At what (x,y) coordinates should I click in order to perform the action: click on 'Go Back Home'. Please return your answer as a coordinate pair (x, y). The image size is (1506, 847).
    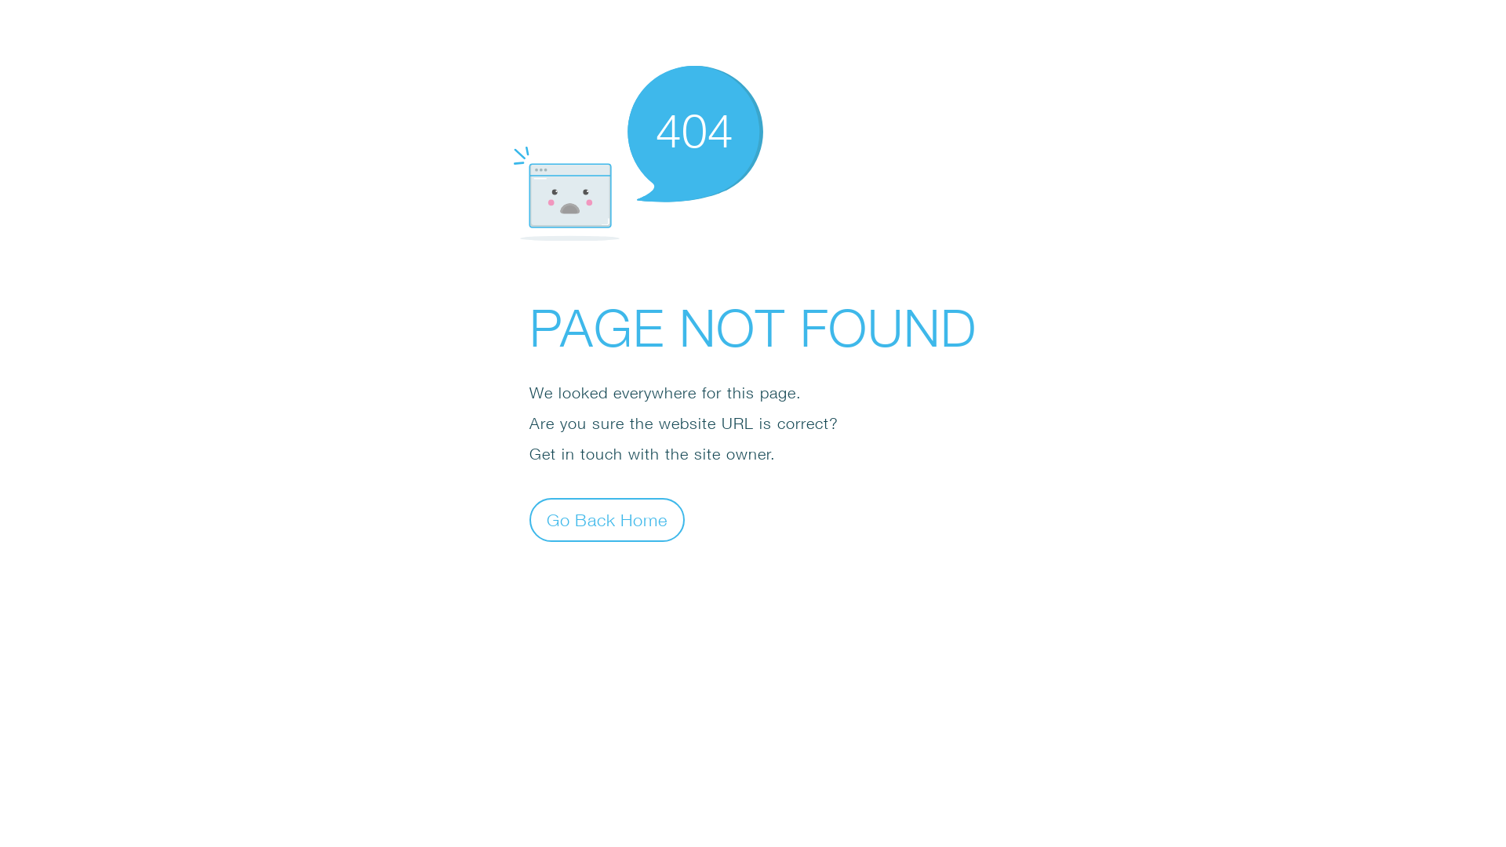
    Looking at the image, I should click on (606, 520).